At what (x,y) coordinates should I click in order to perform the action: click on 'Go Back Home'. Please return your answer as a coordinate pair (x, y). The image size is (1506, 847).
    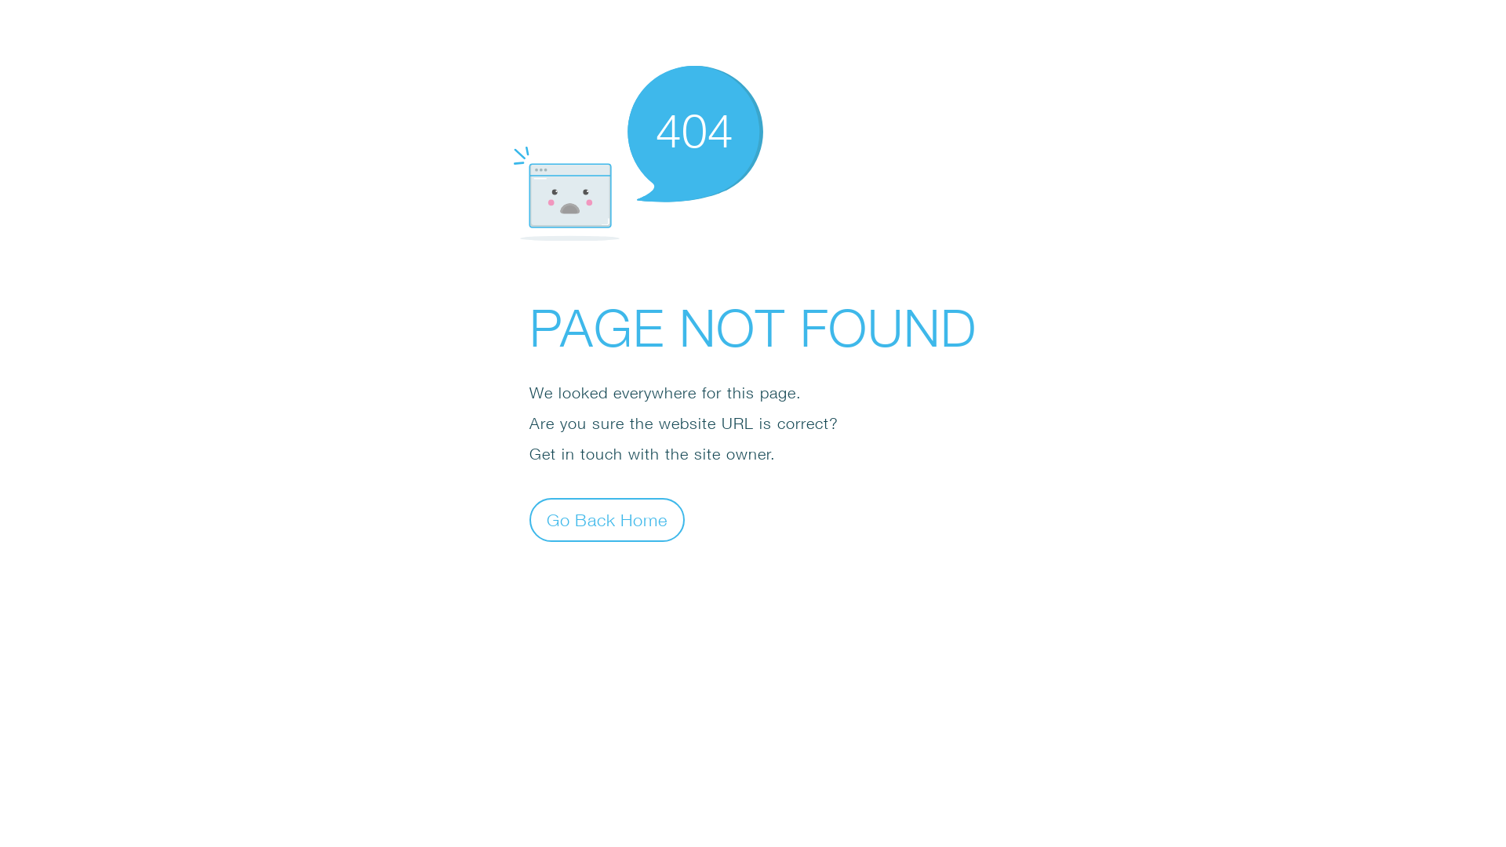
    Looking at the image, I should click on (606, 520).